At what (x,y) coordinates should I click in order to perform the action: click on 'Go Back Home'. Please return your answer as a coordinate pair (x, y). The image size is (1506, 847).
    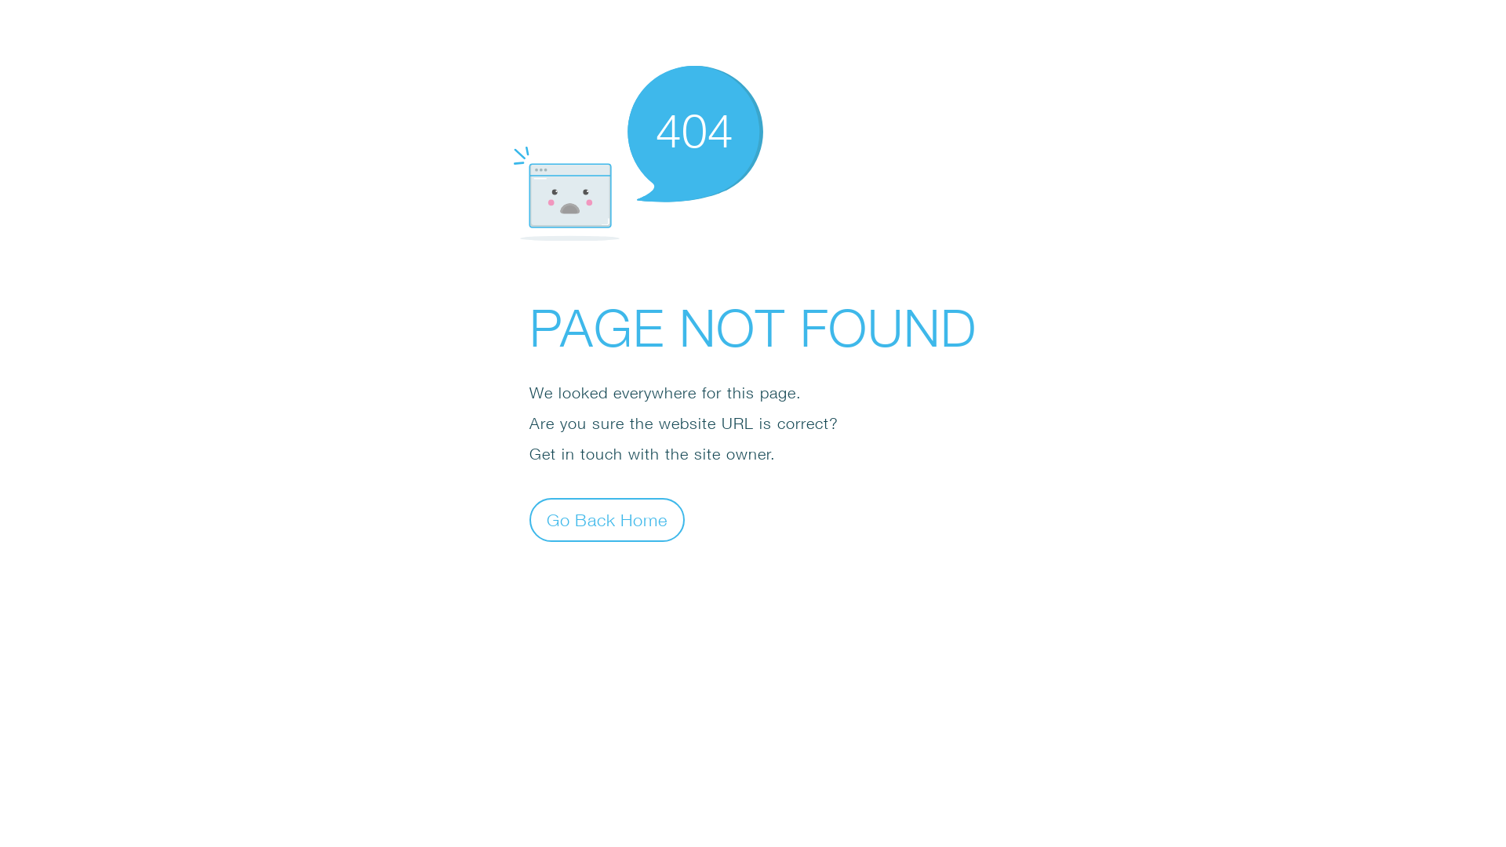
    Looking at the image, I should click on (606, 520).